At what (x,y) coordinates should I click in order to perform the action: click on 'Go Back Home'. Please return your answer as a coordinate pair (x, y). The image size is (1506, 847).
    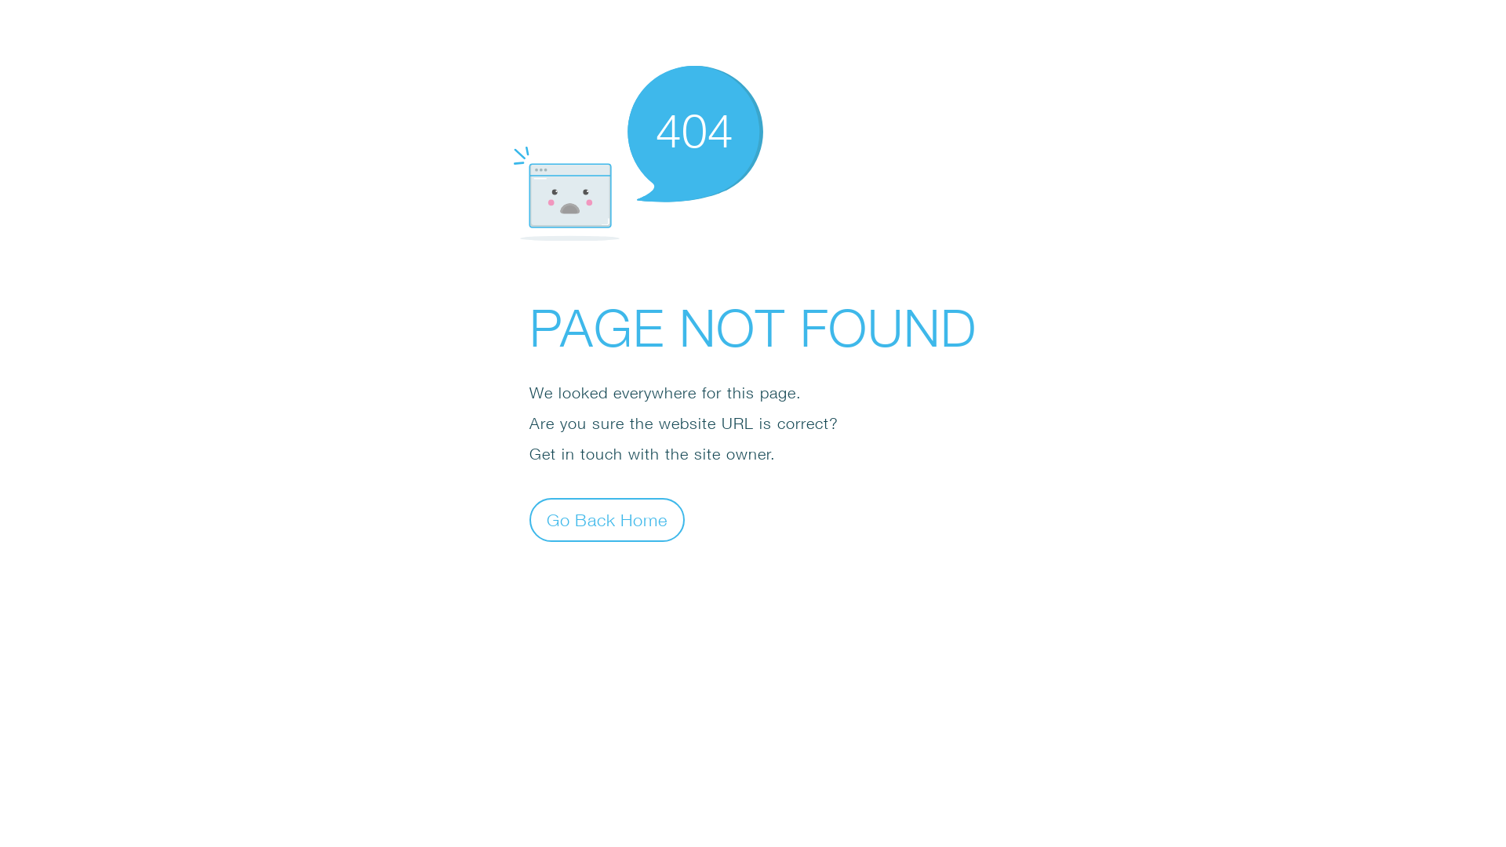
    Looking at the image, I should click on (606, 520).